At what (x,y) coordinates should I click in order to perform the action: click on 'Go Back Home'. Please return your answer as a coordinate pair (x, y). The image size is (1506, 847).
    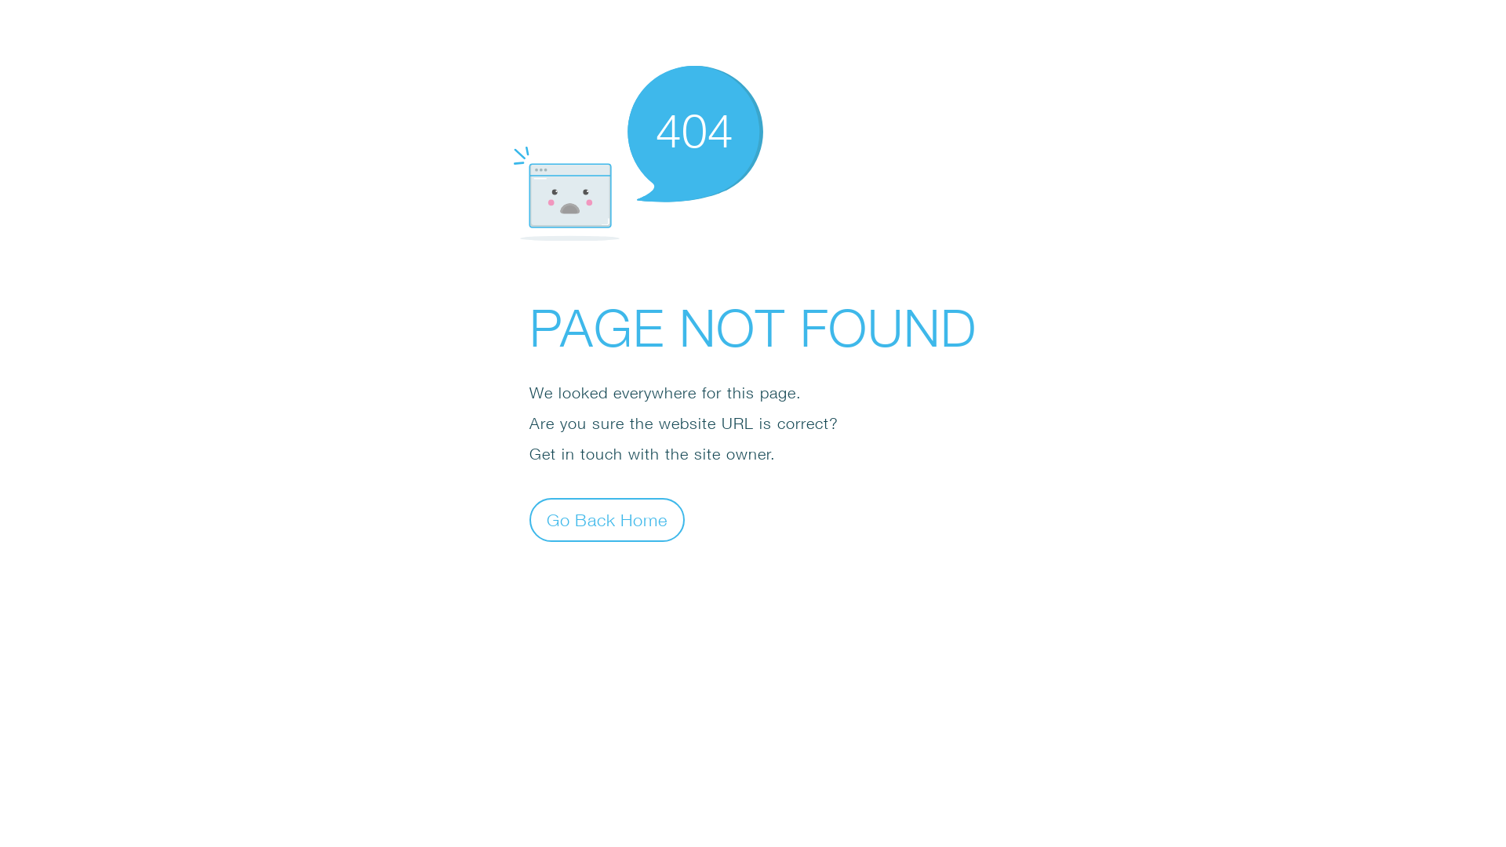
    Looking at the image, I should click on (606, 520).